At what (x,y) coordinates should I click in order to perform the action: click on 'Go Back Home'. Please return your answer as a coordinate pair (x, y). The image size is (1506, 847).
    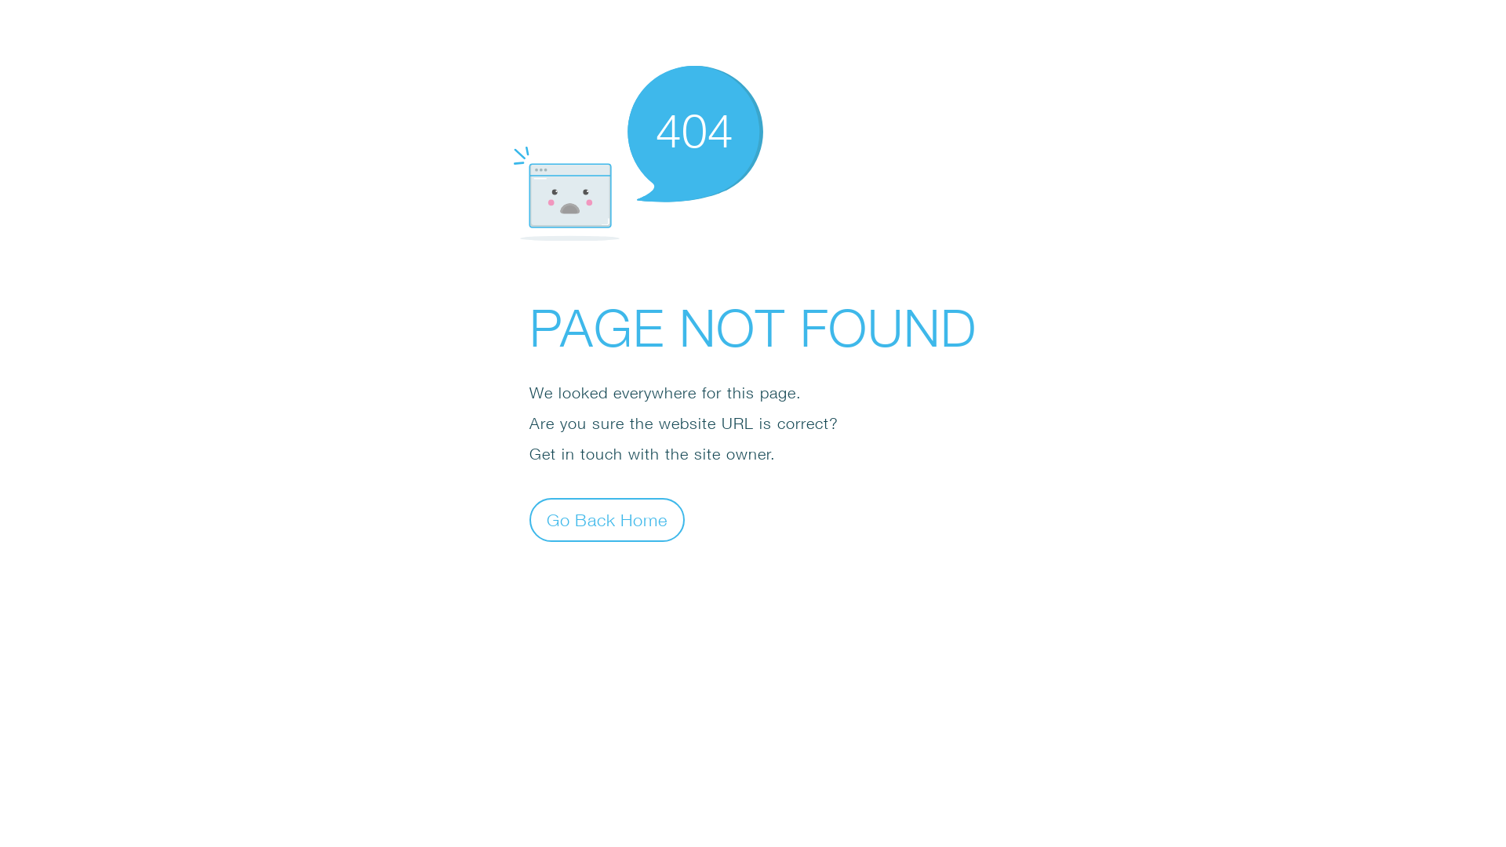
    Looking at the image, I should click on (606, 520).